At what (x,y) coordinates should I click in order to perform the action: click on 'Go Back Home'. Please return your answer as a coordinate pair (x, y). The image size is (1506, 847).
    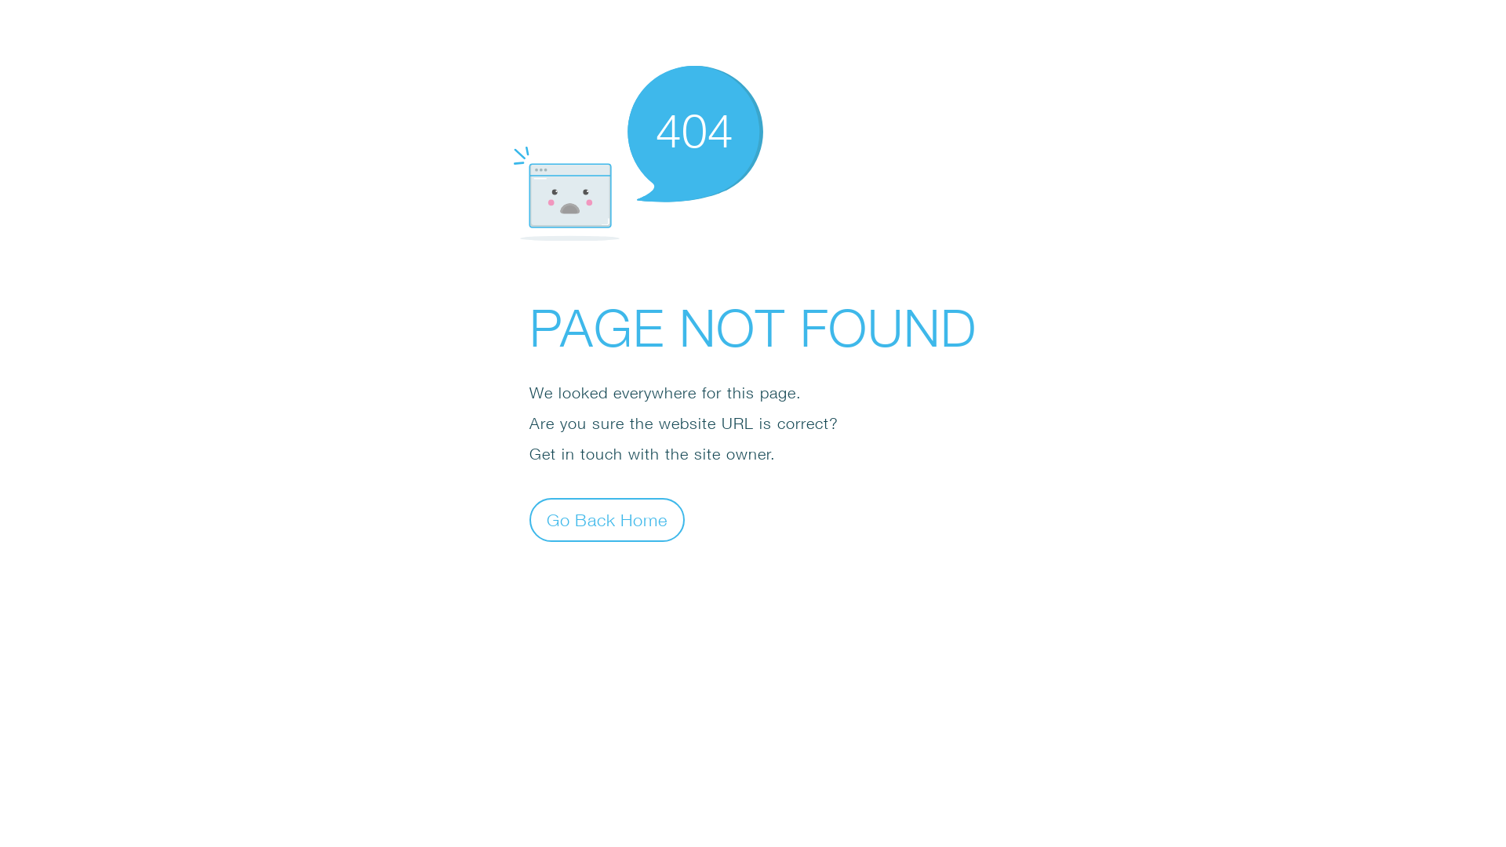
    Looking at the image, I should click on (606, 520).